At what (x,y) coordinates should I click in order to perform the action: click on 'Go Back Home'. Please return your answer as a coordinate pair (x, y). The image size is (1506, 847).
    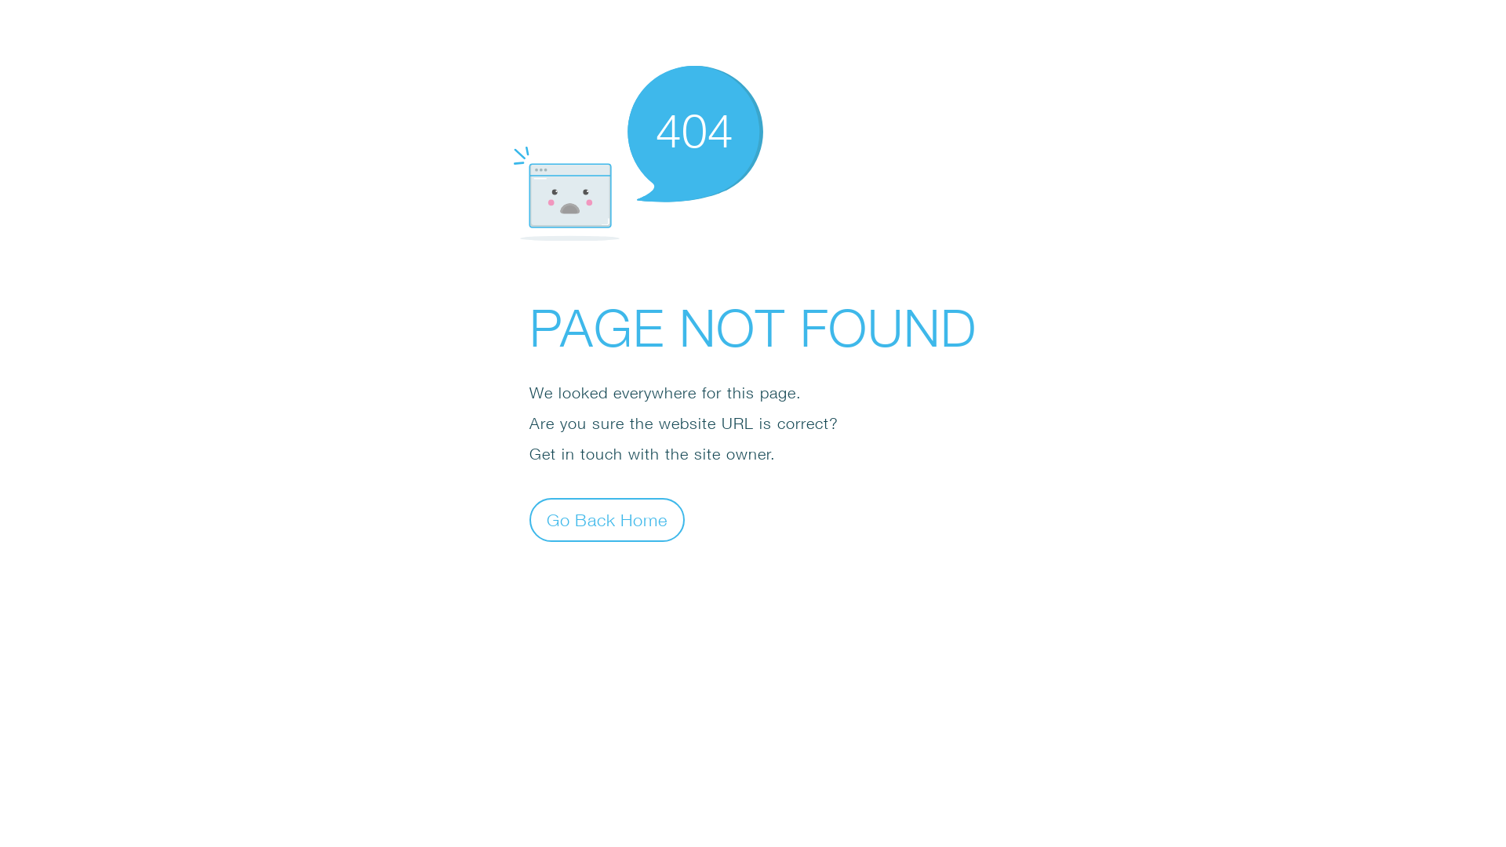
    Looking at the image, I should click on (606, 520).